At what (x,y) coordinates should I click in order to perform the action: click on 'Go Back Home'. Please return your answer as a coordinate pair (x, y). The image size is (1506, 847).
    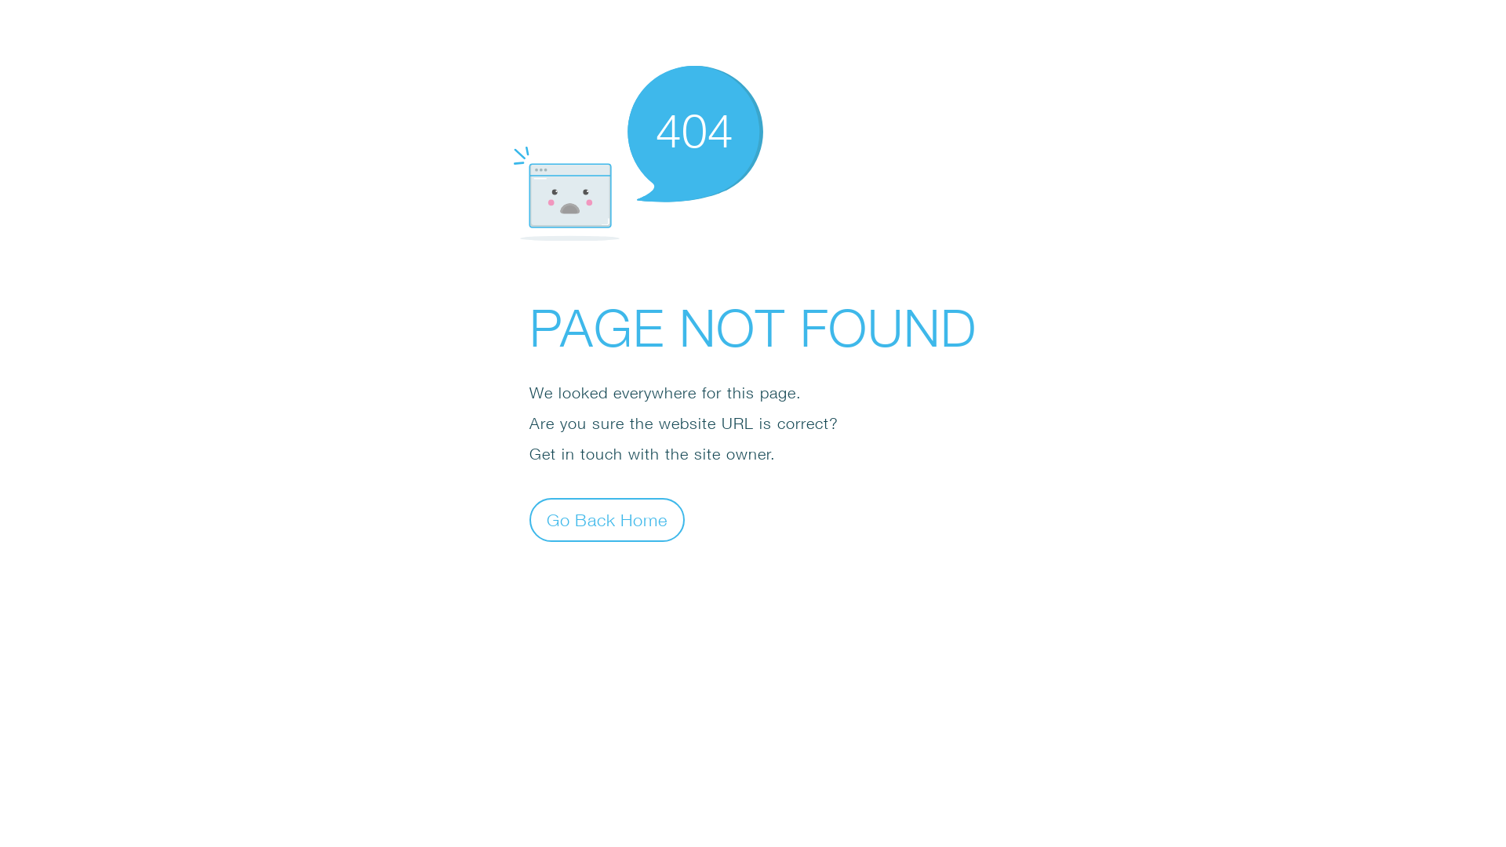
    Looking at the image, I should click on (606, 520).